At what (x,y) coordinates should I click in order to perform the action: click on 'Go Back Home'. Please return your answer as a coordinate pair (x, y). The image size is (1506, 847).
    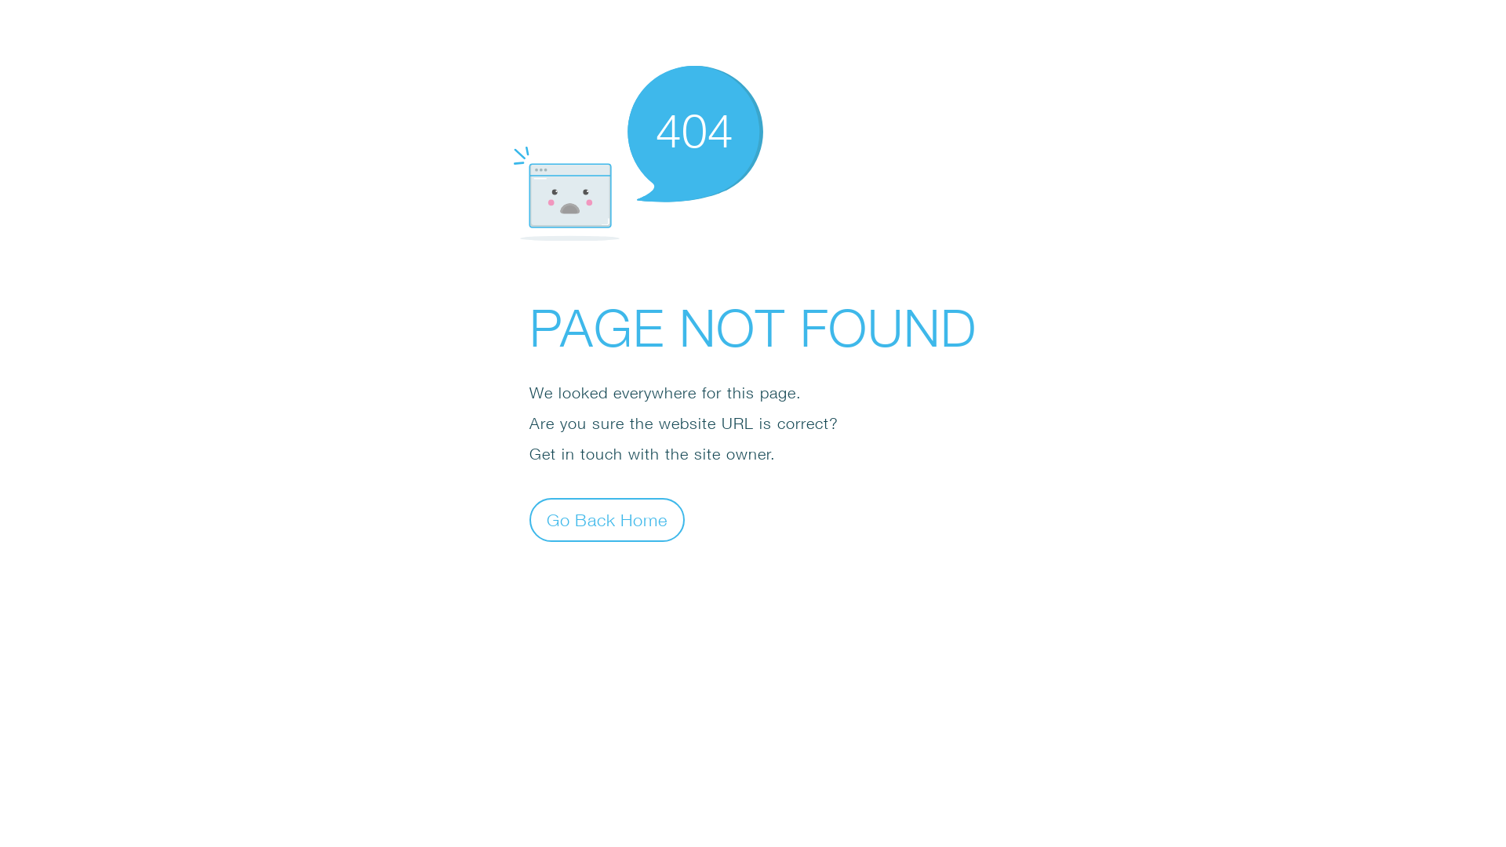
    Looking at the image, I should click on (606, 520).